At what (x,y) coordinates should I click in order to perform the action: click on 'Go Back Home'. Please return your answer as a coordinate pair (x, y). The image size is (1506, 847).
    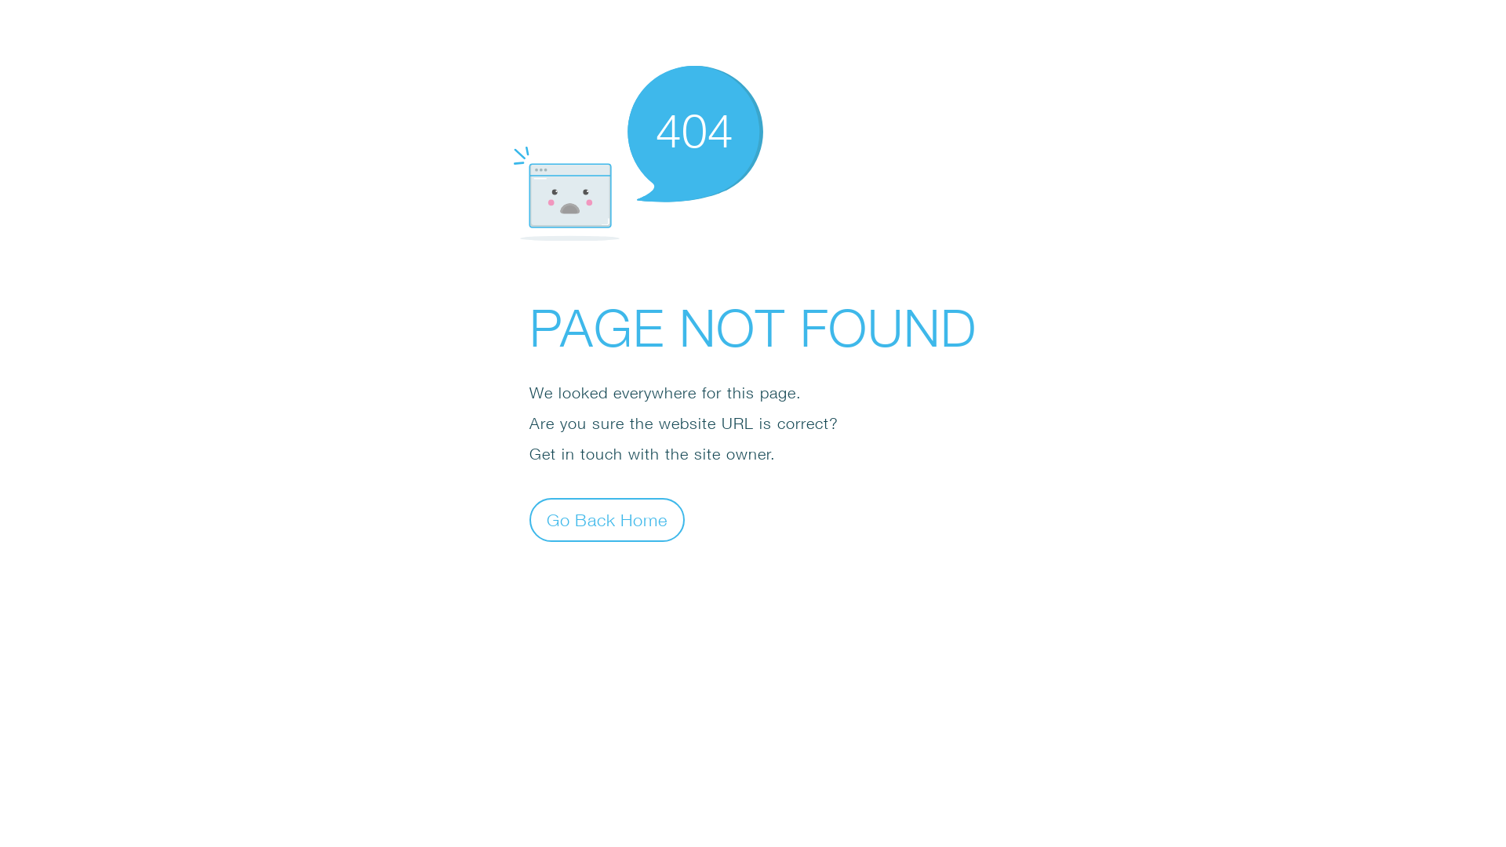
    Looking at the image, I should click on (606, 520).